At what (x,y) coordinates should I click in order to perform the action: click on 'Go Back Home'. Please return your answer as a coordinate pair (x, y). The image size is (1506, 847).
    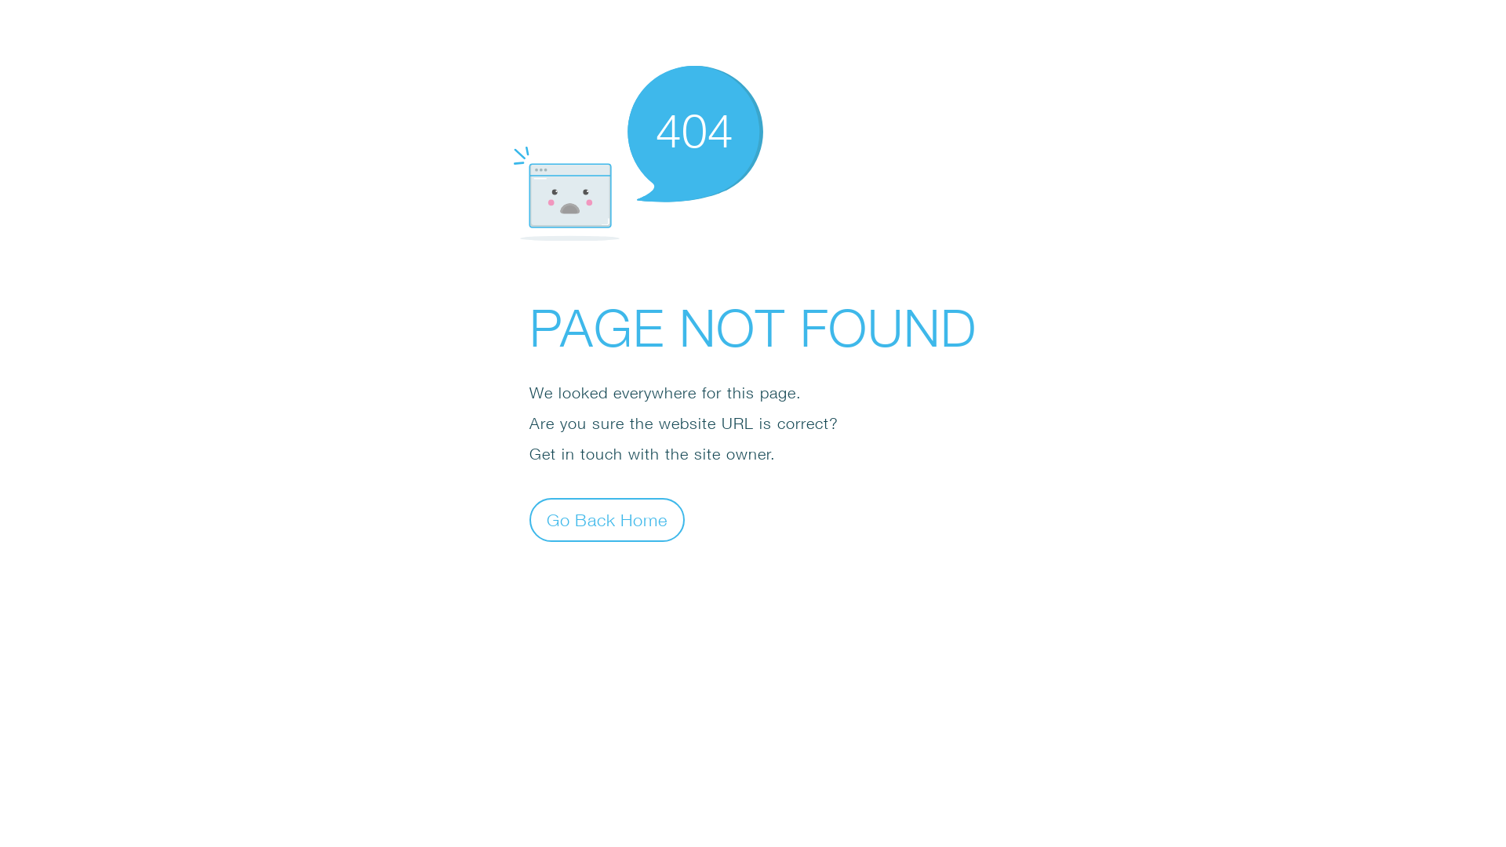
    Looking at the image, I should click on (606, 520).